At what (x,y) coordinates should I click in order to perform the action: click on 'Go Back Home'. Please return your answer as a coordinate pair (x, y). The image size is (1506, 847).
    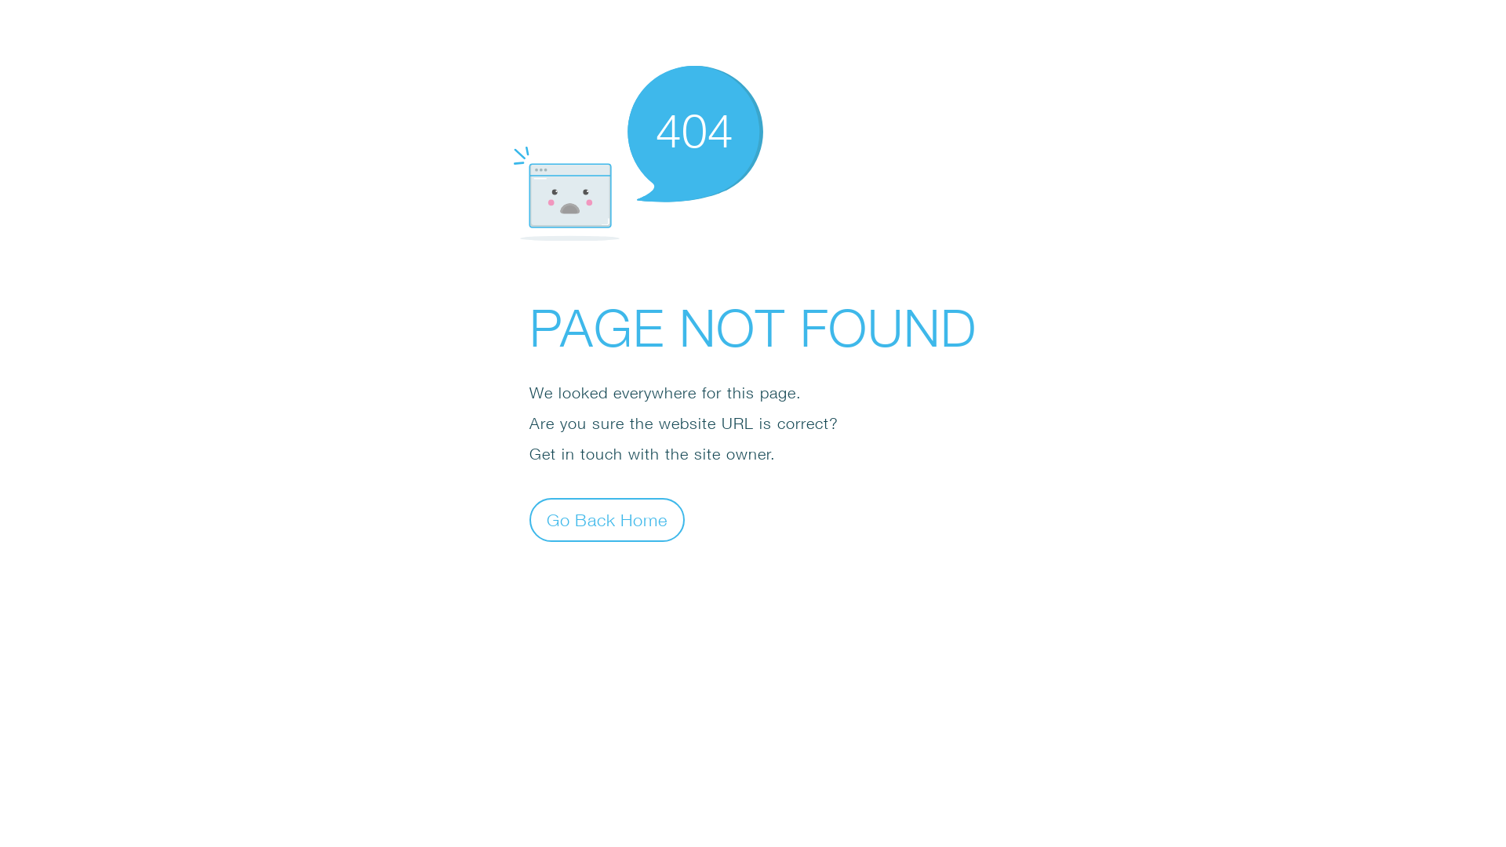
    Looking at the image, I should click on (606, 520).